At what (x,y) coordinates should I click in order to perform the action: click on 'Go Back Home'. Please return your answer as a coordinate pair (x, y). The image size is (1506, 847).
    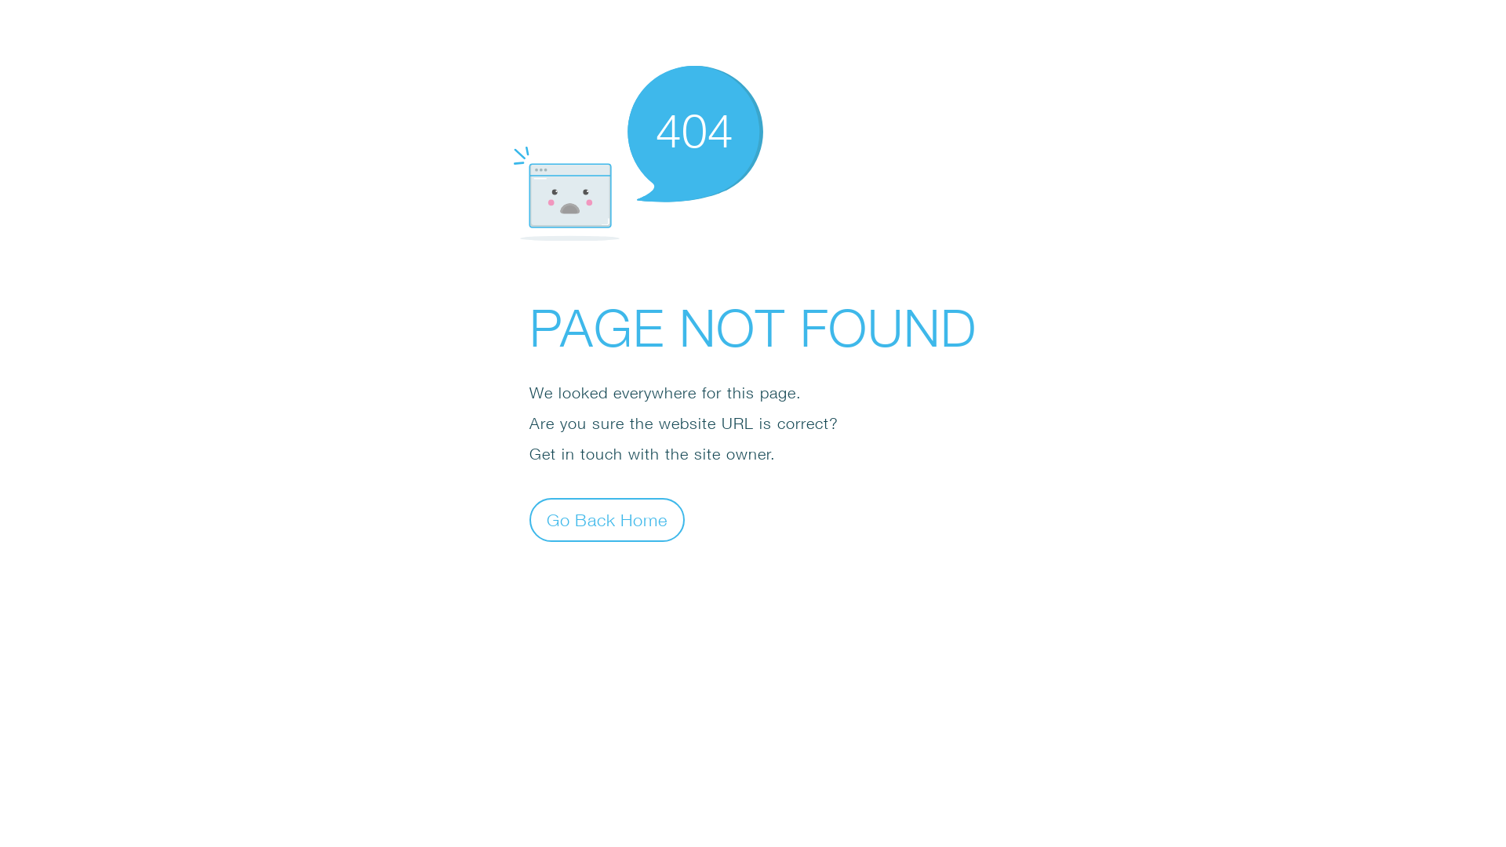
    Looking at the image, I should click on (606, 520).